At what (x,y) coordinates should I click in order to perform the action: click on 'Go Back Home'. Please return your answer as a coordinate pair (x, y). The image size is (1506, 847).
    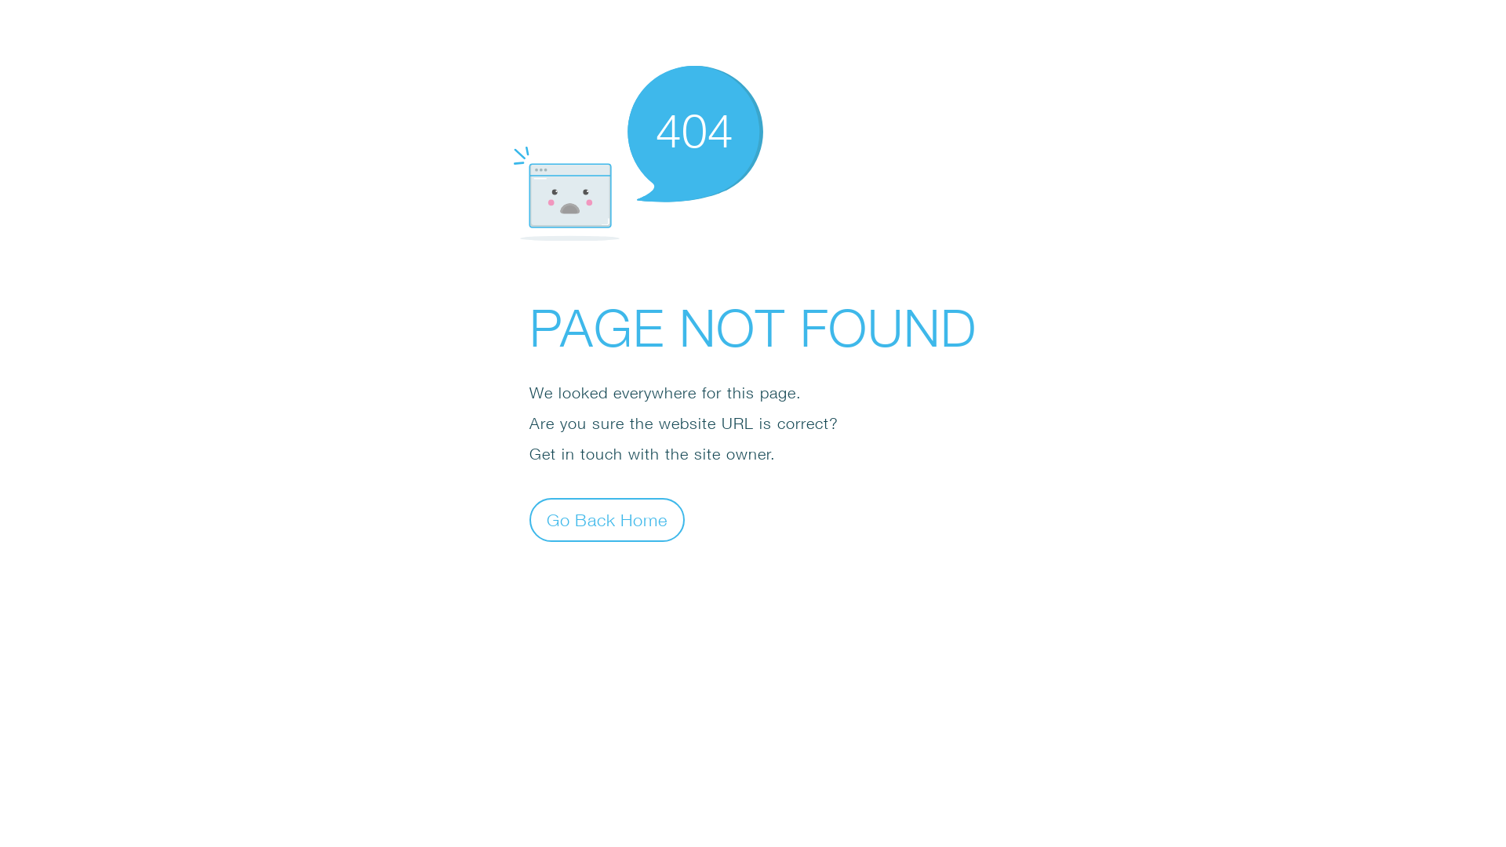
    Looking at the image, I should click on (606, 520).